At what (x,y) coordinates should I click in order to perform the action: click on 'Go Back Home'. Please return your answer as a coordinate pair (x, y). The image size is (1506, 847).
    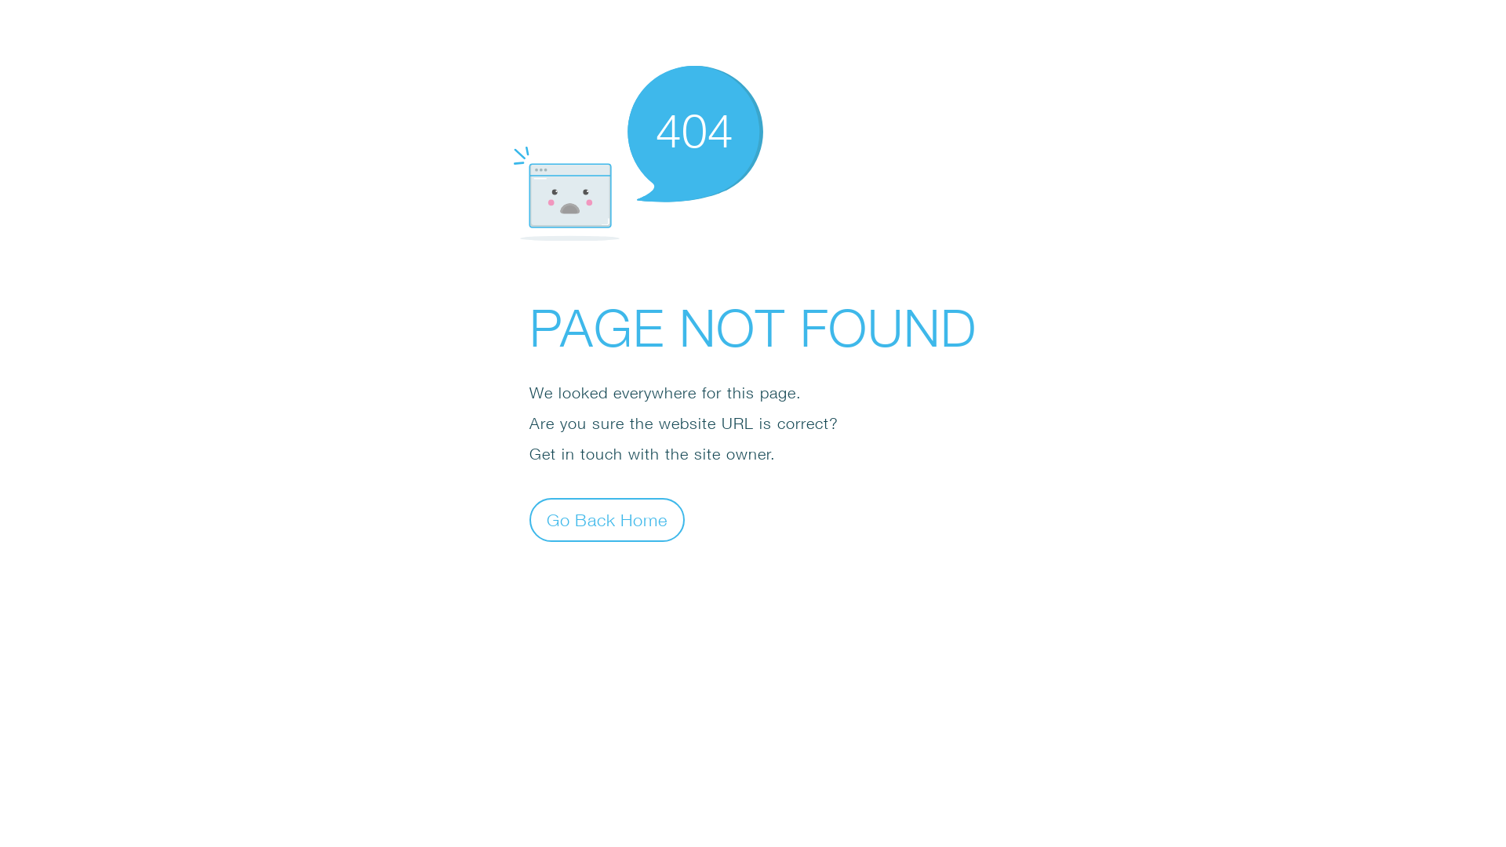
    Looking at the image, I should click on (606, 520).